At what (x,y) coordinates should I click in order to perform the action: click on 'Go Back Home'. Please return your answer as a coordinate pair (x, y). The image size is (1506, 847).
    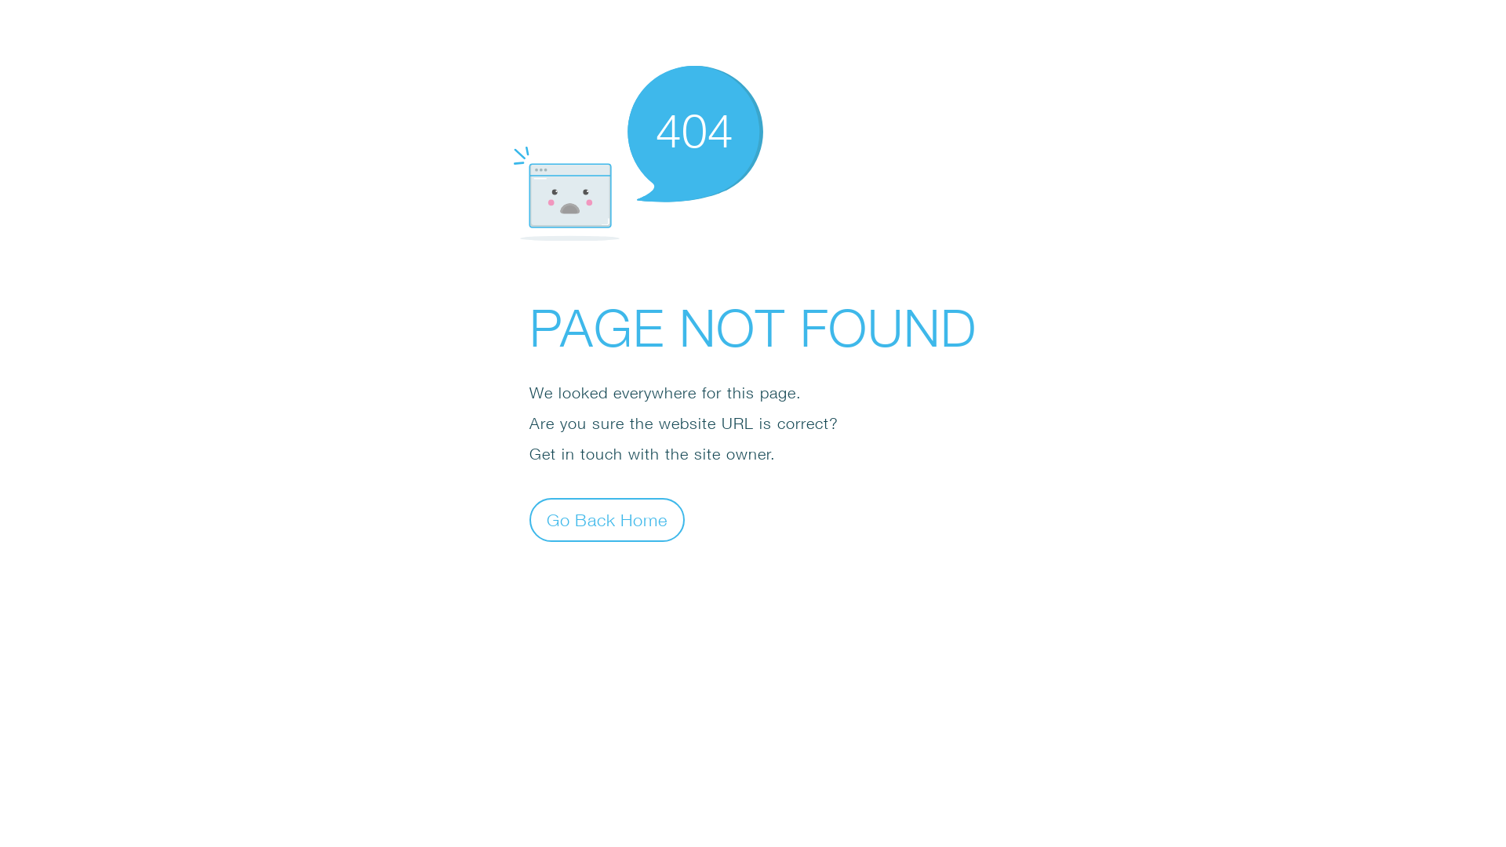
    Looking at the image, I should click on (606, 520).